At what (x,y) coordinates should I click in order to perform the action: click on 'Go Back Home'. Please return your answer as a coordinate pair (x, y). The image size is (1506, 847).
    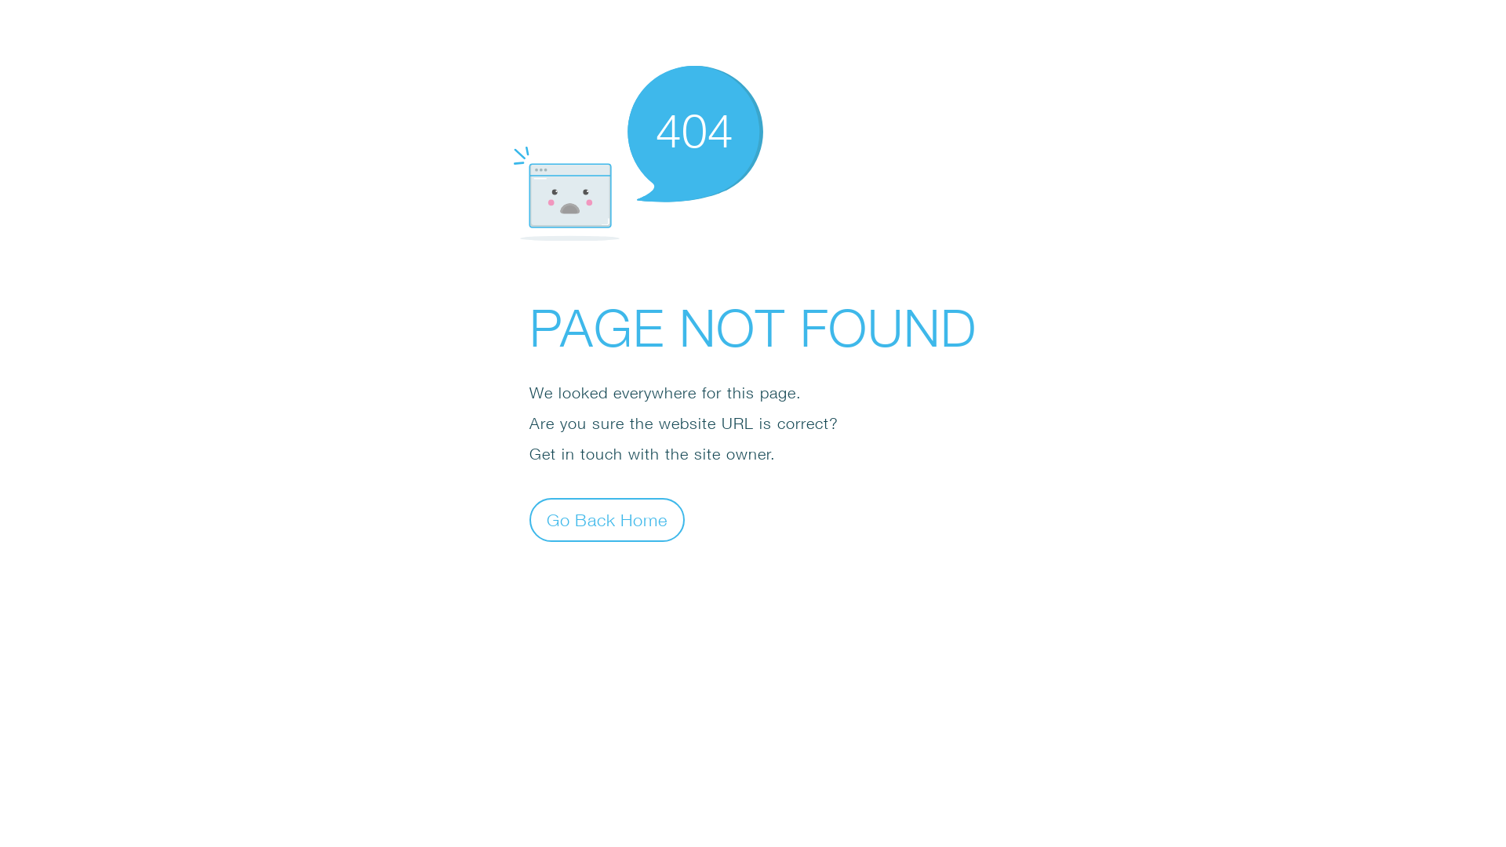
    Looking at the image, I should click on (606, 520).